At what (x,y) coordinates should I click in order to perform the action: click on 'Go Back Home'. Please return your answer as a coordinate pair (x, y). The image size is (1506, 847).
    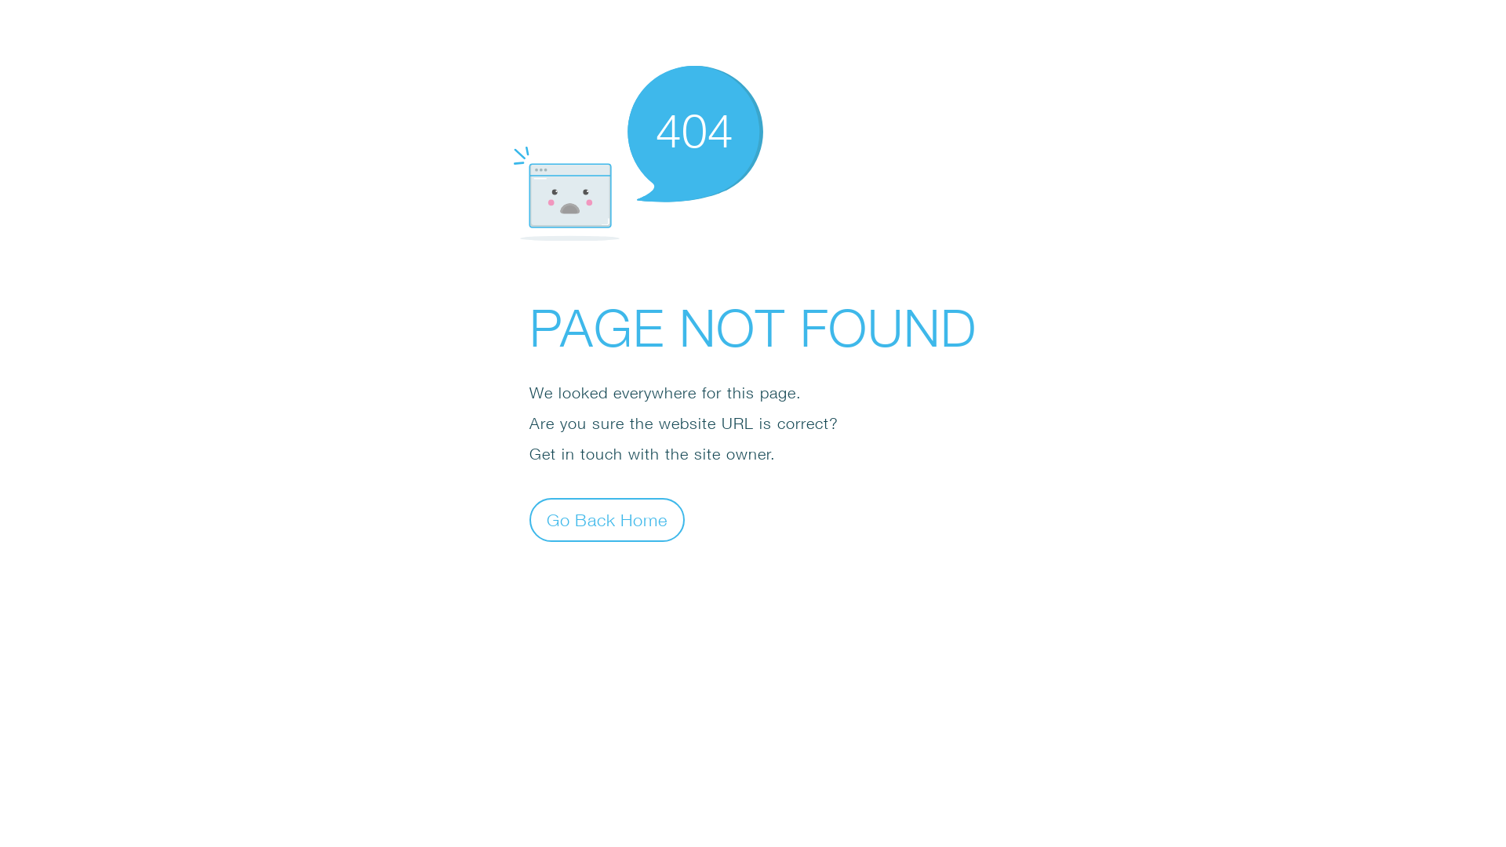
    Looking at the image, I should click on (606, 520).